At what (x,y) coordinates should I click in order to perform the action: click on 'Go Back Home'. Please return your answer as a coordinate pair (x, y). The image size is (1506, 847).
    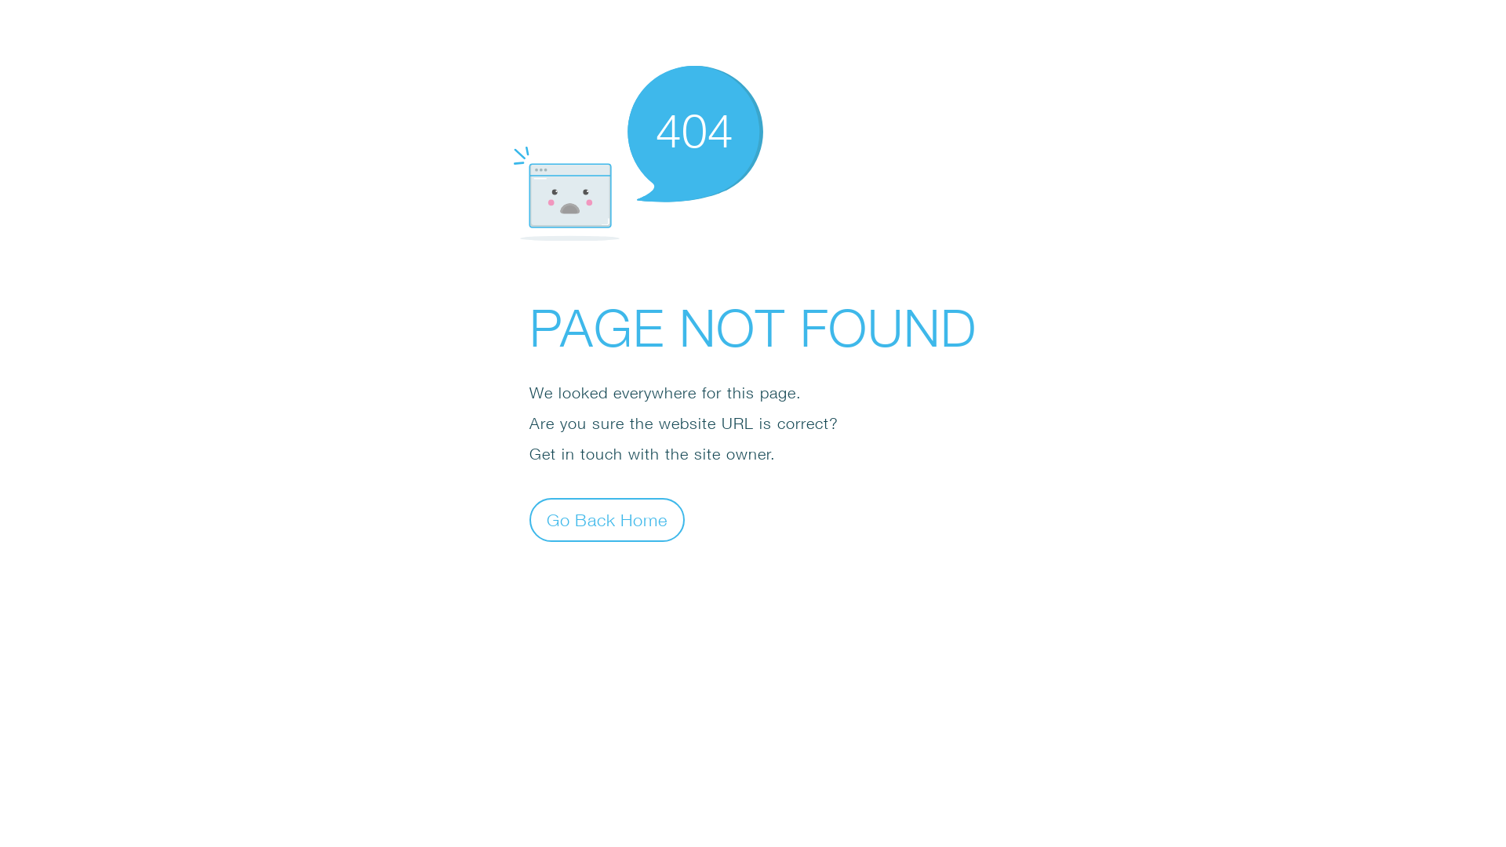
    Looking at the image, I should click on (606, 520).